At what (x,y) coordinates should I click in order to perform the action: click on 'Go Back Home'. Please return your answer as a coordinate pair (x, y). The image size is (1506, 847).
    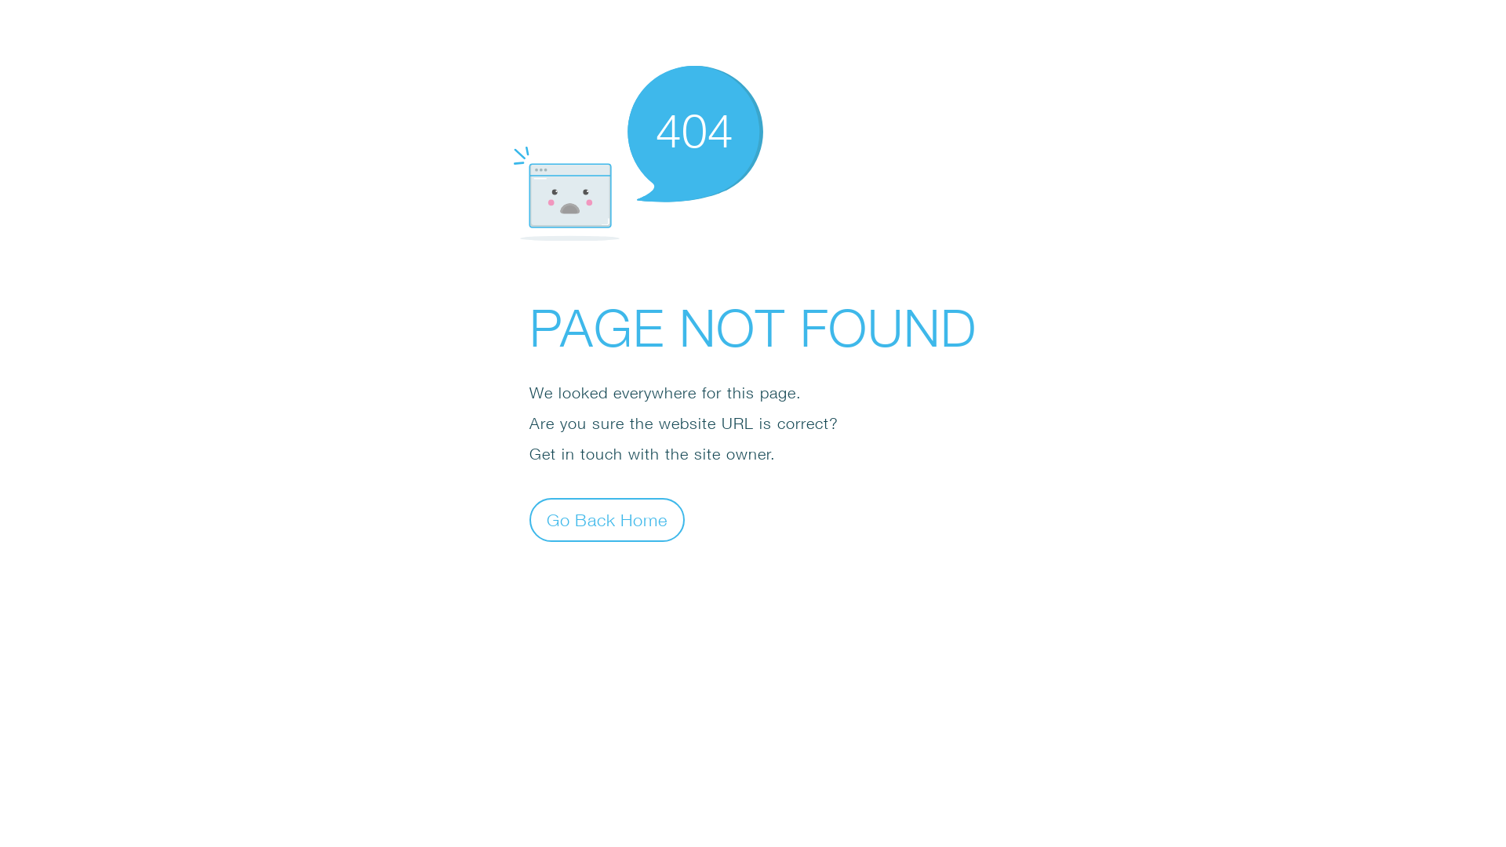
    Looking at the image, I should click on (606, 520).